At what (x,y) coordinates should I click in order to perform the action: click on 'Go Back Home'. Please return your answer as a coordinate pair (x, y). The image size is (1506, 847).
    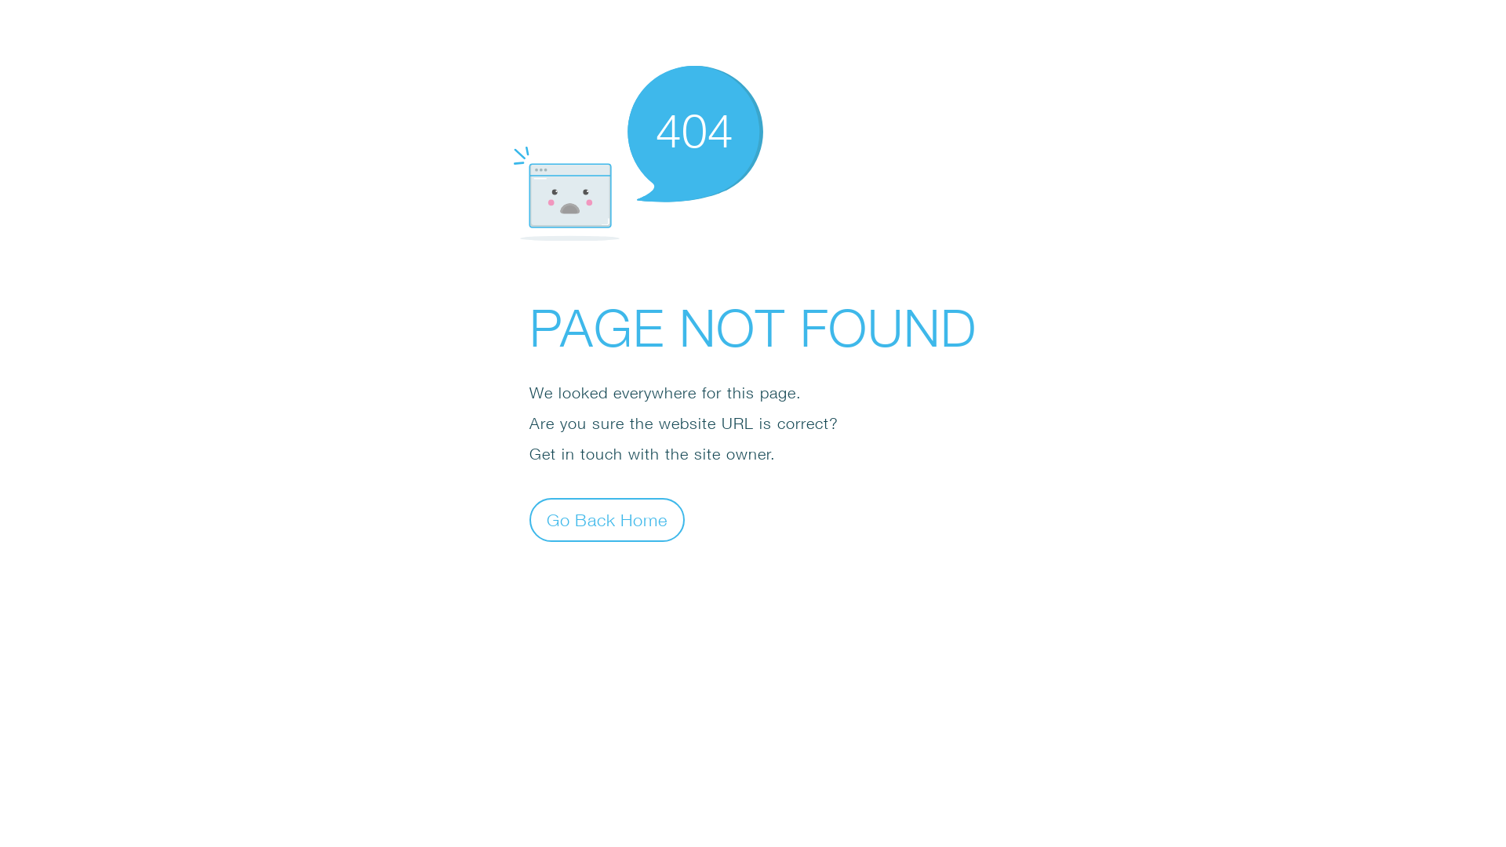
    Looking at the image, I should click on (606, 520).